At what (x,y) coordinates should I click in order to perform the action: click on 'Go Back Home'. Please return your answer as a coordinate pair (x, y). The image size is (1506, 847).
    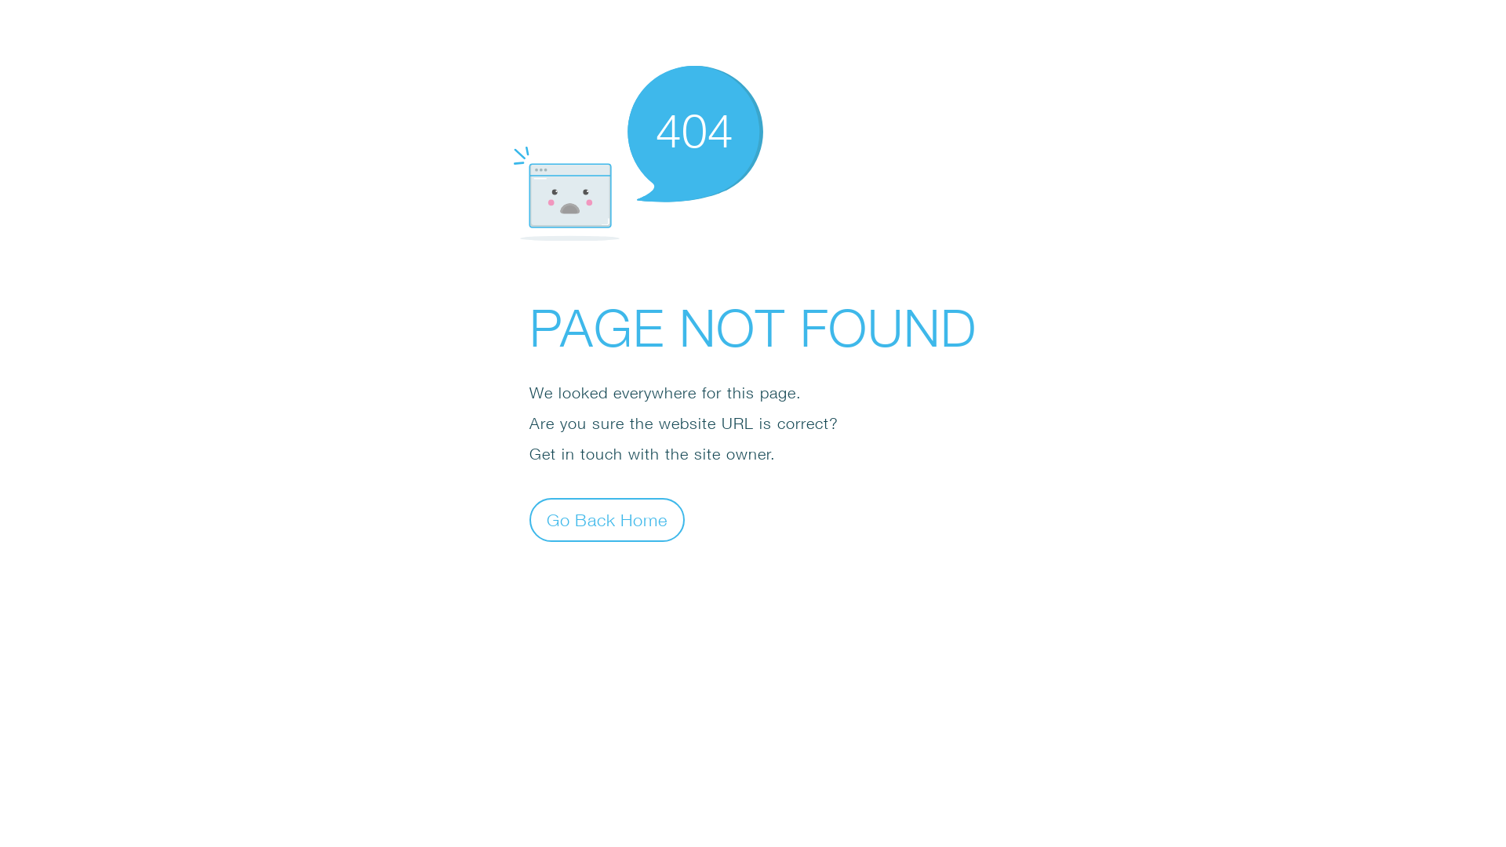
    Looking at the image, I should click on (606, 520).